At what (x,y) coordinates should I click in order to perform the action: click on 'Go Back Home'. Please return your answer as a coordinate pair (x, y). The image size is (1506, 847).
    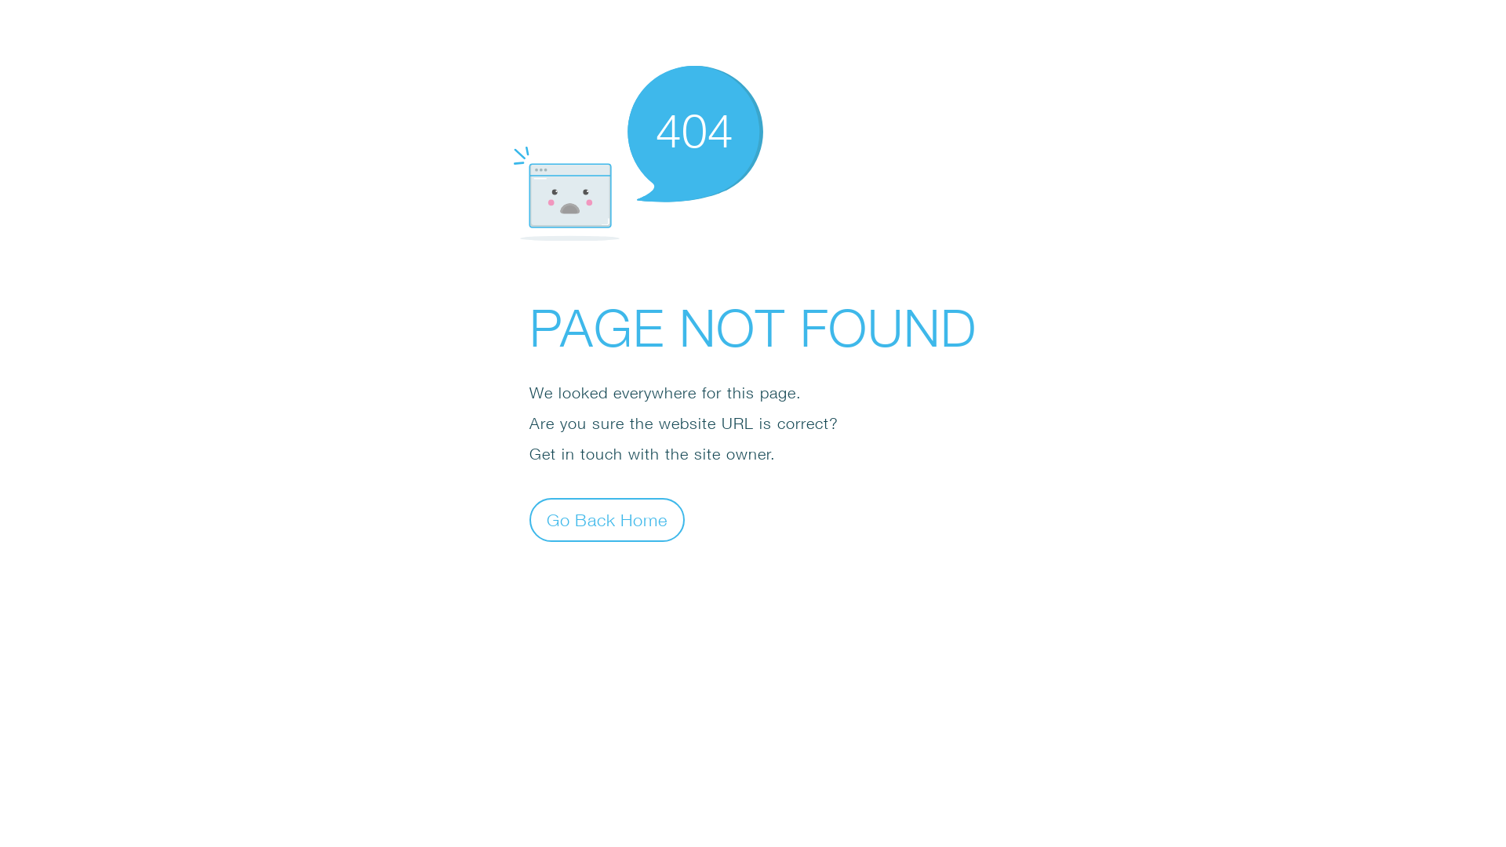
    Looking at the image, I should click on (606, 520).